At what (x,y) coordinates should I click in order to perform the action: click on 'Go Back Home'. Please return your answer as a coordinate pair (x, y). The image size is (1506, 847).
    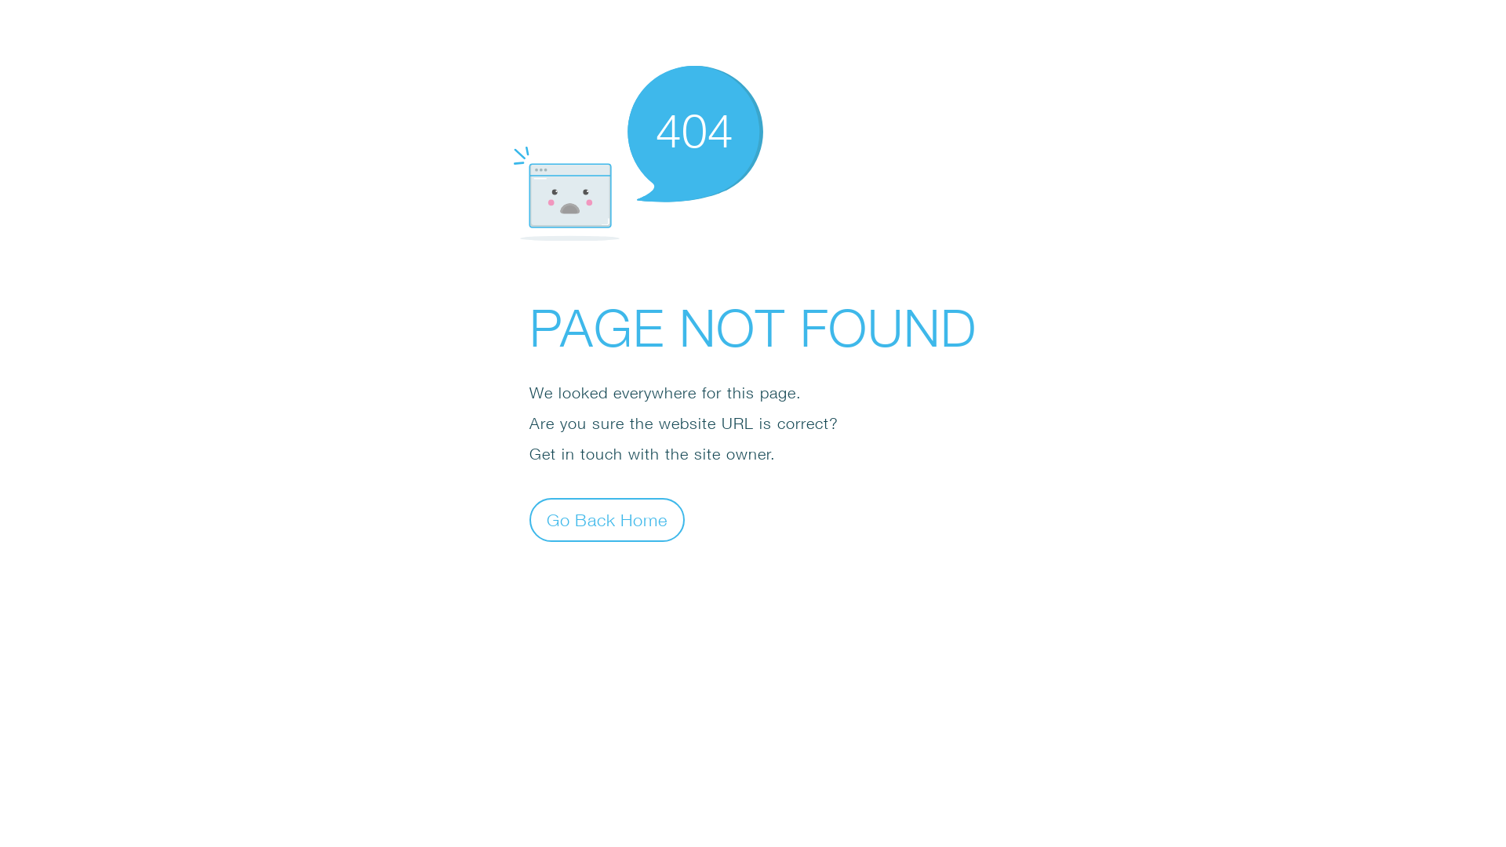
    Looking at the image, I should click on (606, 520).